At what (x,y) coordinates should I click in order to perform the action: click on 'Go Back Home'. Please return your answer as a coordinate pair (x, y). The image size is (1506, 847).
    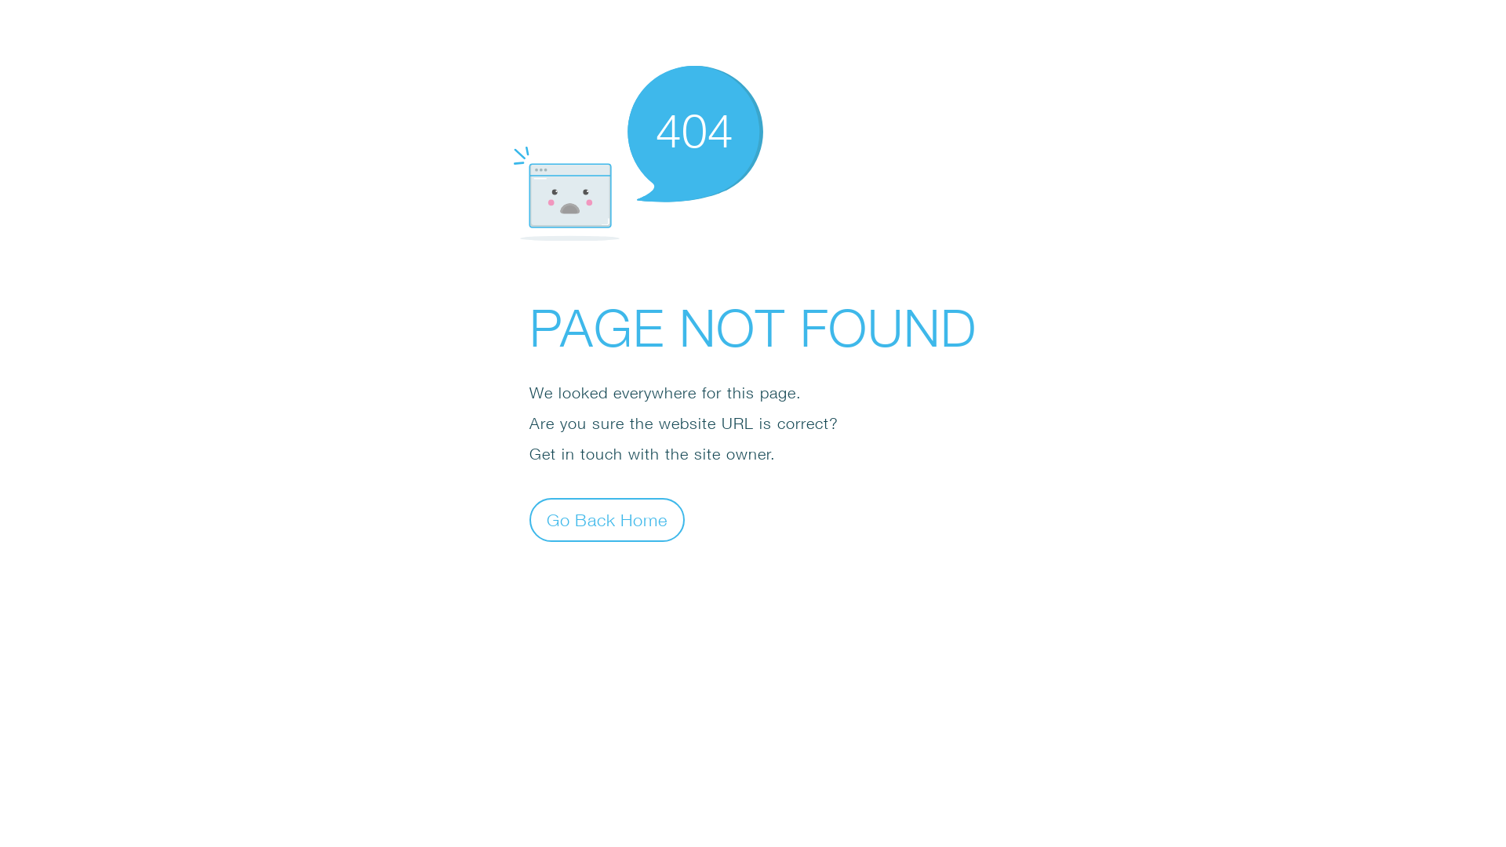
    Looking at the image, I should click on (606, 520).